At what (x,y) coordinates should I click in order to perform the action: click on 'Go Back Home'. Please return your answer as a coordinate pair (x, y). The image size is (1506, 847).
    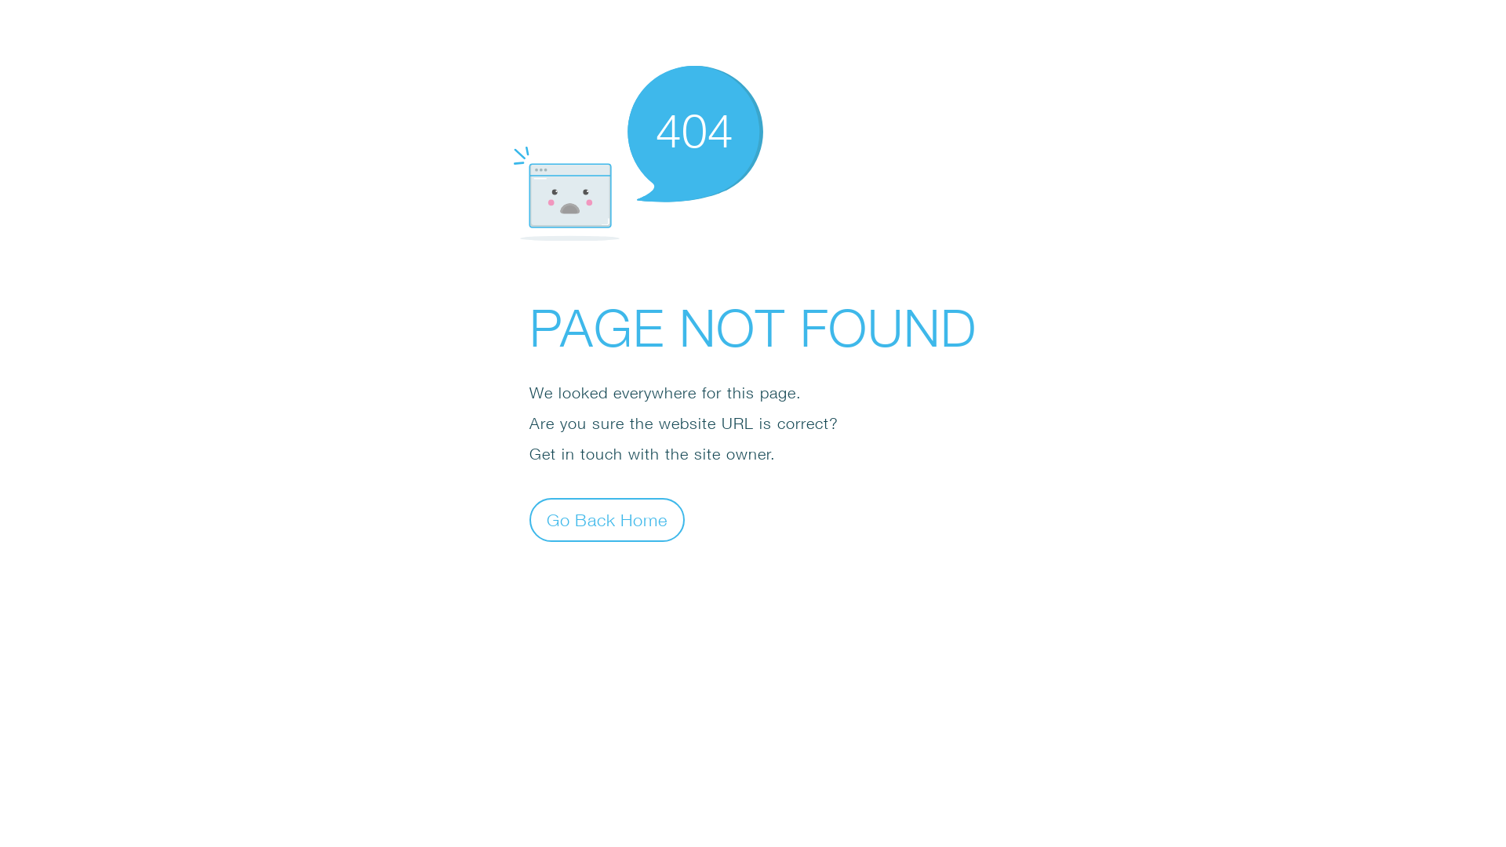
    Looking at the image, I should click on (606, 520).